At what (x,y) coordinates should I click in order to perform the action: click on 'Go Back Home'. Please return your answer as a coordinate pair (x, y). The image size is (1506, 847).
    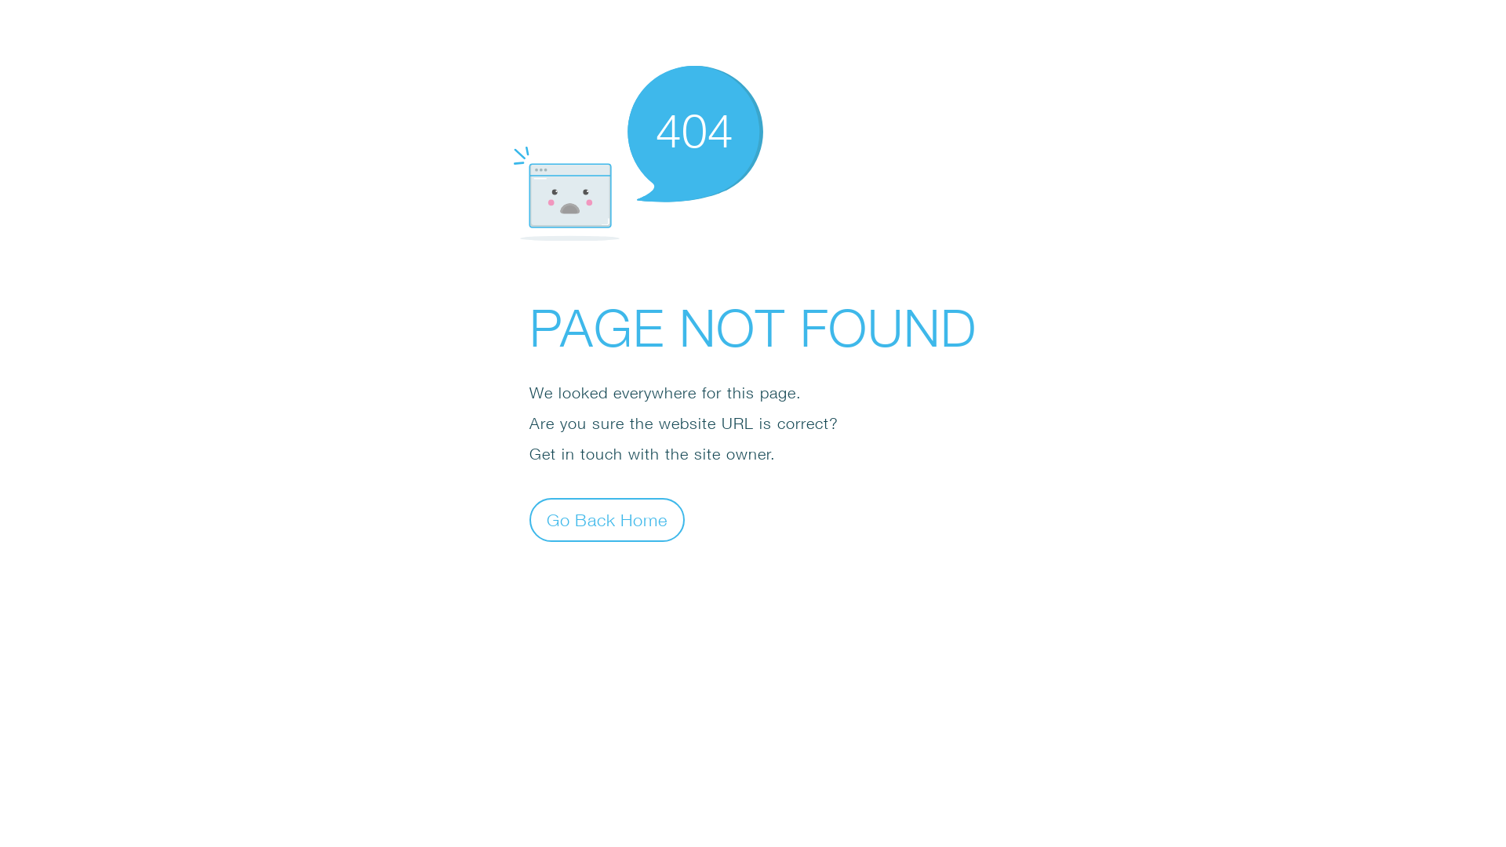
    Looking at the image, I should click on (606, 520).